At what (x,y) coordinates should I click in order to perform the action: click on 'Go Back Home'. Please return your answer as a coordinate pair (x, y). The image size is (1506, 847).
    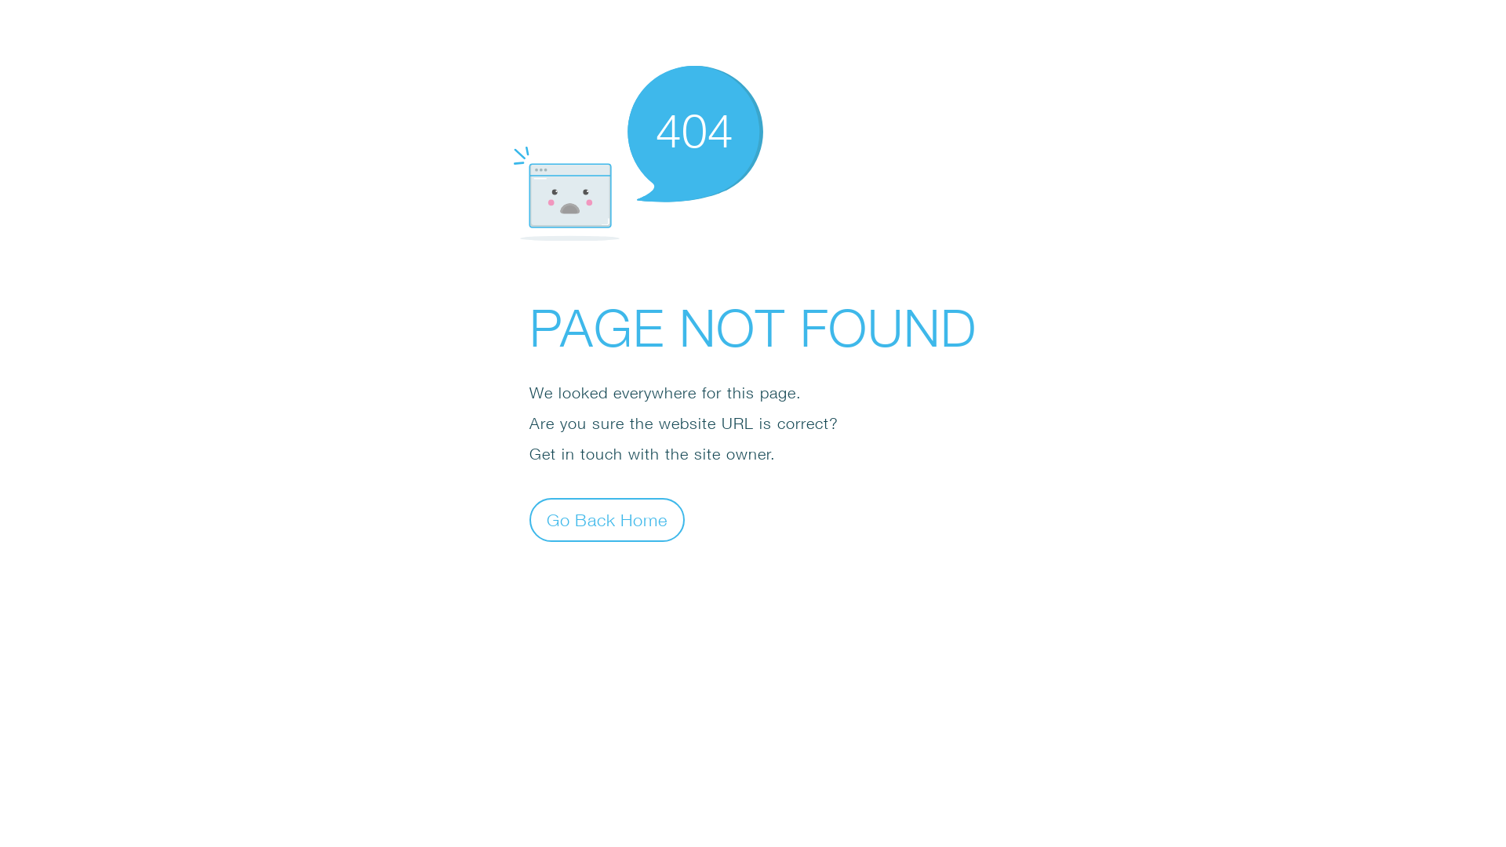
    Looking at the image, I should click on (606, 520).